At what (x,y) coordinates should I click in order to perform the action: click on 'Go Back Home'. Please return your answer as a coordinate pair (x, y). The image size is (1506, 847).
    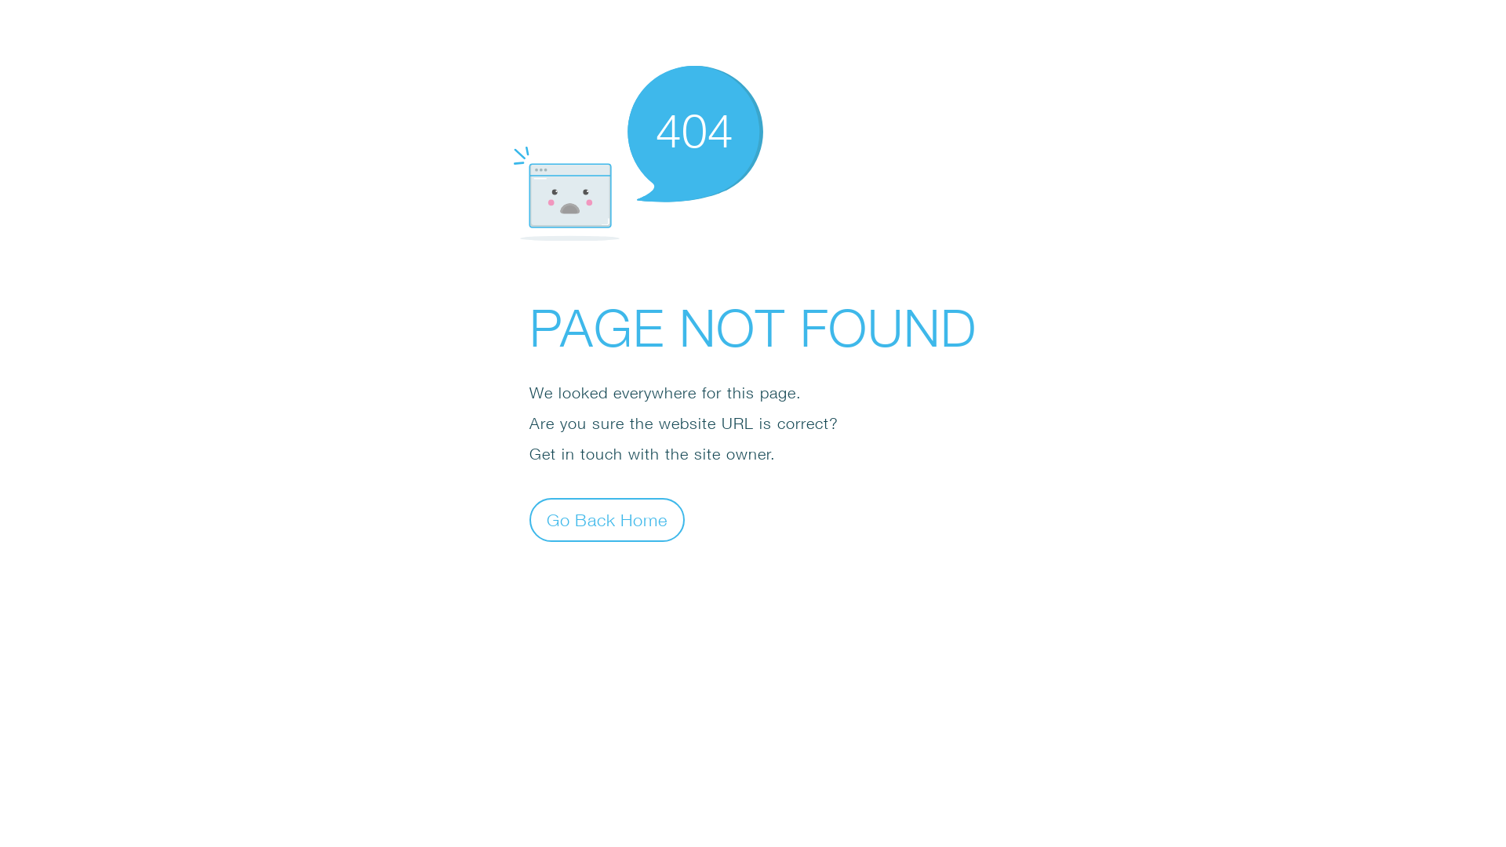
    Looking at the image, I should click on (606, 520).